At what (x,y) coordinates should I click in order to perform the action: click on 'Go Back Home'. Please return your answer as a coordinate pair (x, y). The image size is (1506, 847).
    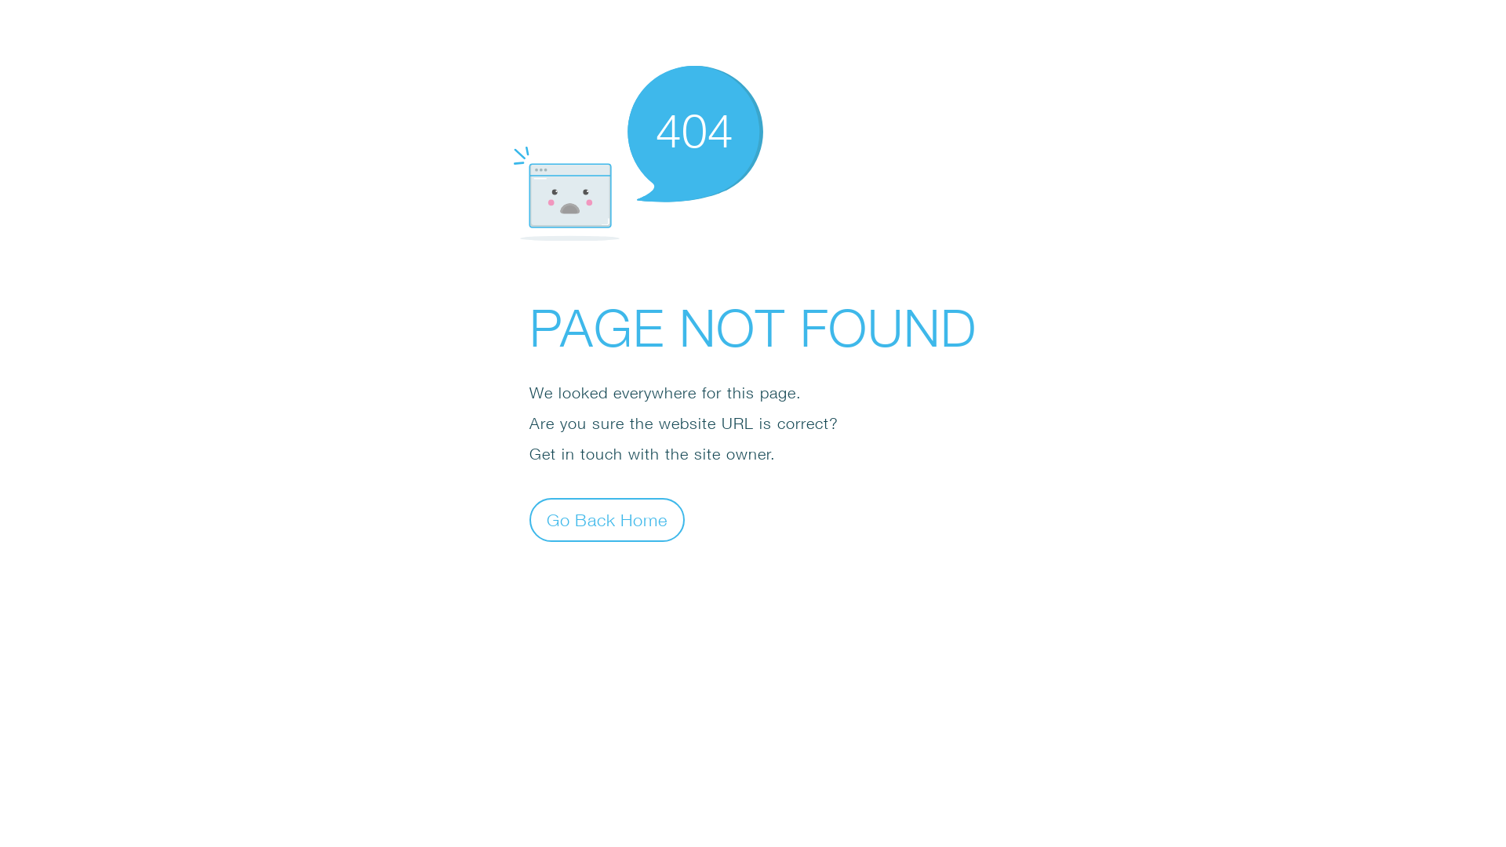
    Looking at the image, I should click on (606, 520).